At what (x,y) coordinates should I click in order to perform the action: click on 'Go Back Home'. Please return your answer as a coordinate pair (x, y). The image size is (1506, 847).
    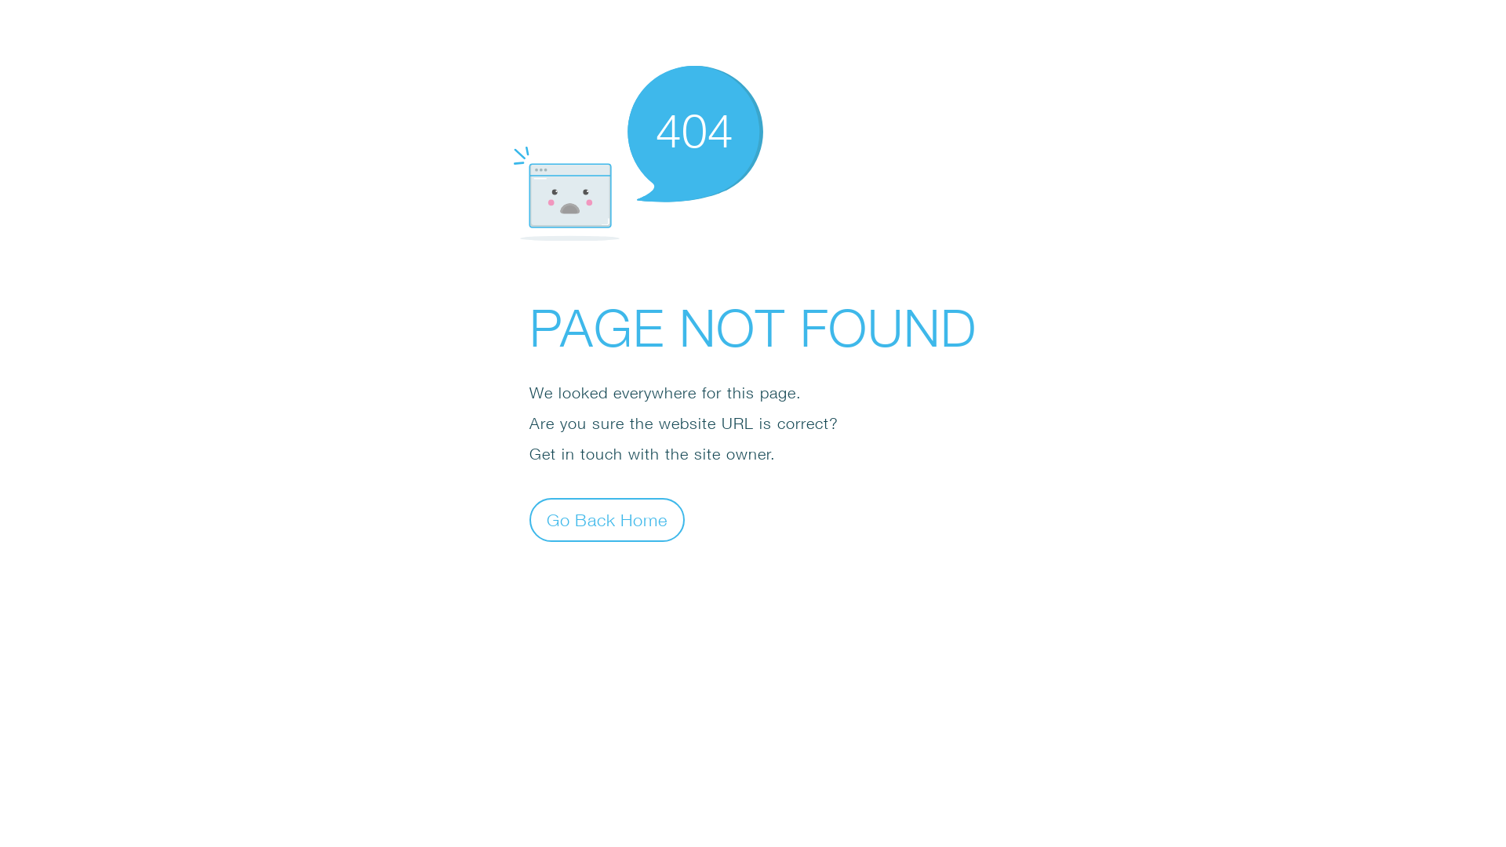
    Looking at the image, I should click on (606, 520).